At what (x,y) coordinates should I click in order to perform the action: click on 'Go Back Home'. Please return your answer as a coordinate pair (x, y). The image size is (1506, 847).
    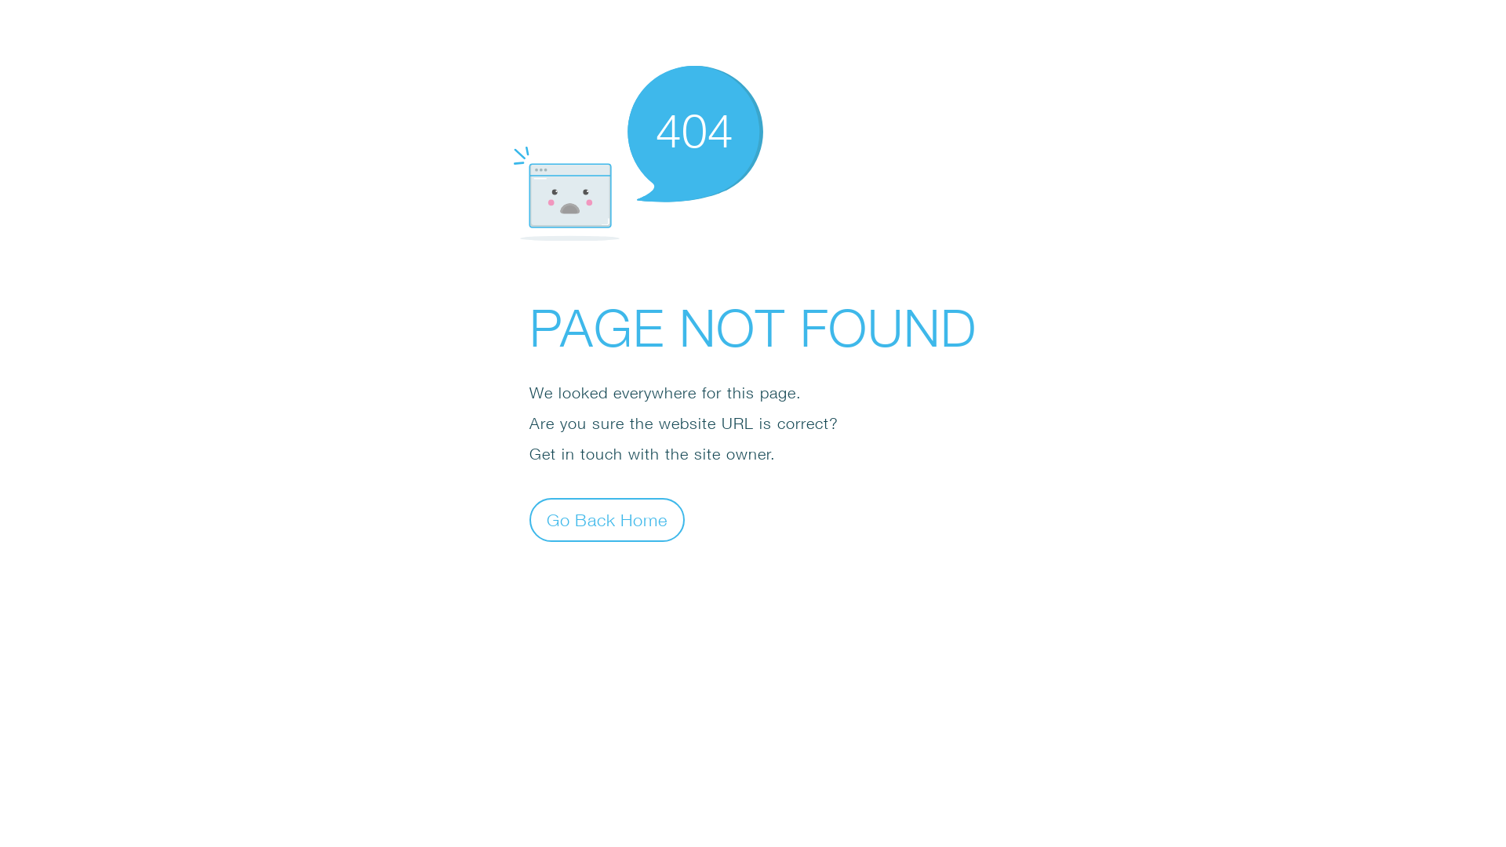
    Looking at the image, I should click on (606, 520).